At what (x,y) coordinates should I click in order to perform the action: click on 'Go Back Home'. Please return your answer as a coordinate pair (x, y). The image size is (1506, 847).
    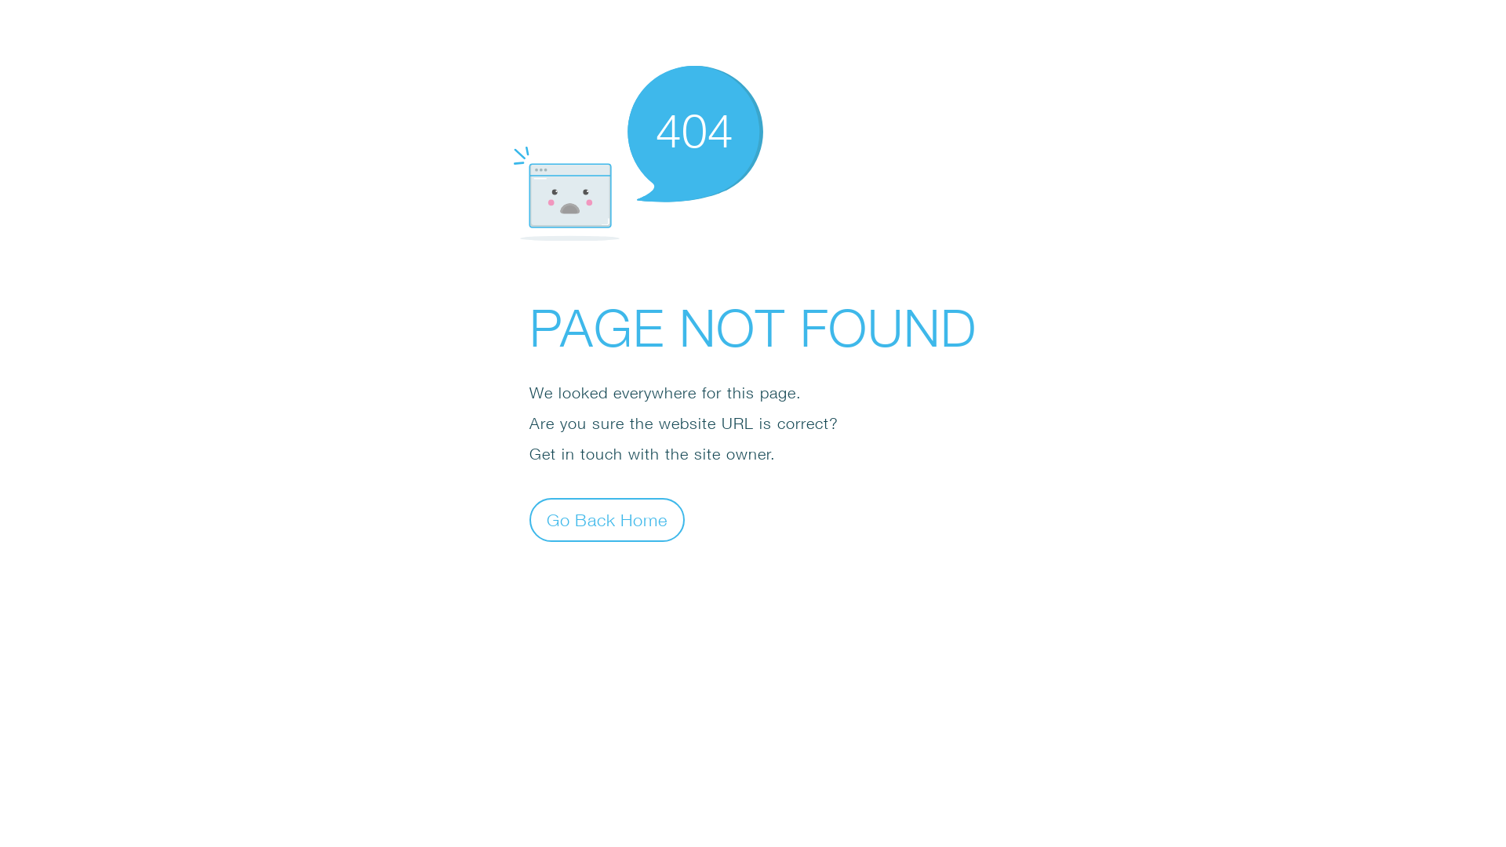
    Looking at the image, I should click on (606, 520).